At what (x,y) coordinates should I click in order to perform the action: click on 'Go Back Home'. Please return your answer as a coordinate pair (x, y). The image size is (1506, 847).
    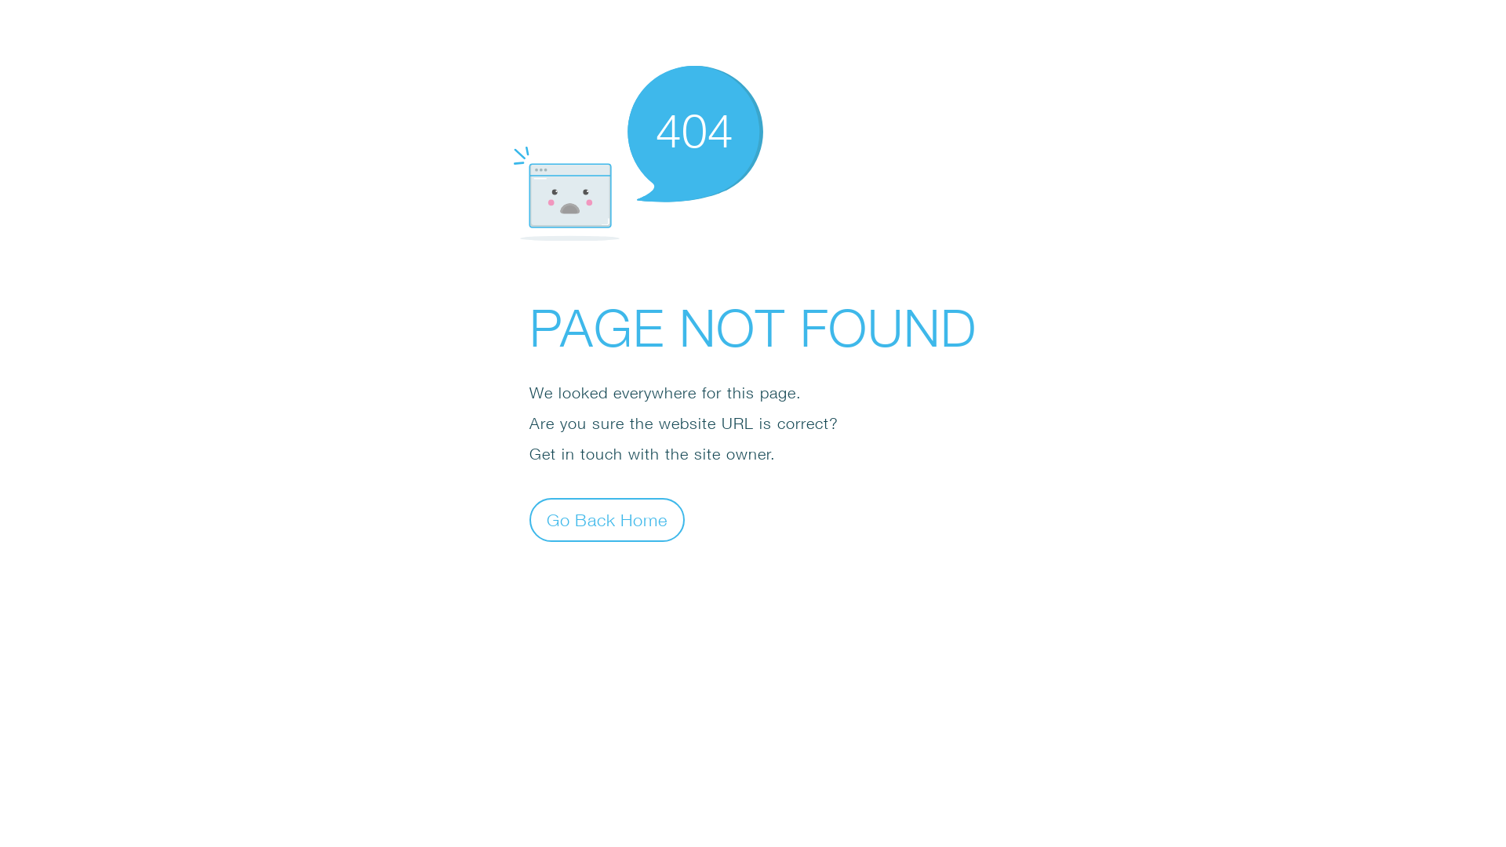
    Looking at the image, I should click on (606, 520).